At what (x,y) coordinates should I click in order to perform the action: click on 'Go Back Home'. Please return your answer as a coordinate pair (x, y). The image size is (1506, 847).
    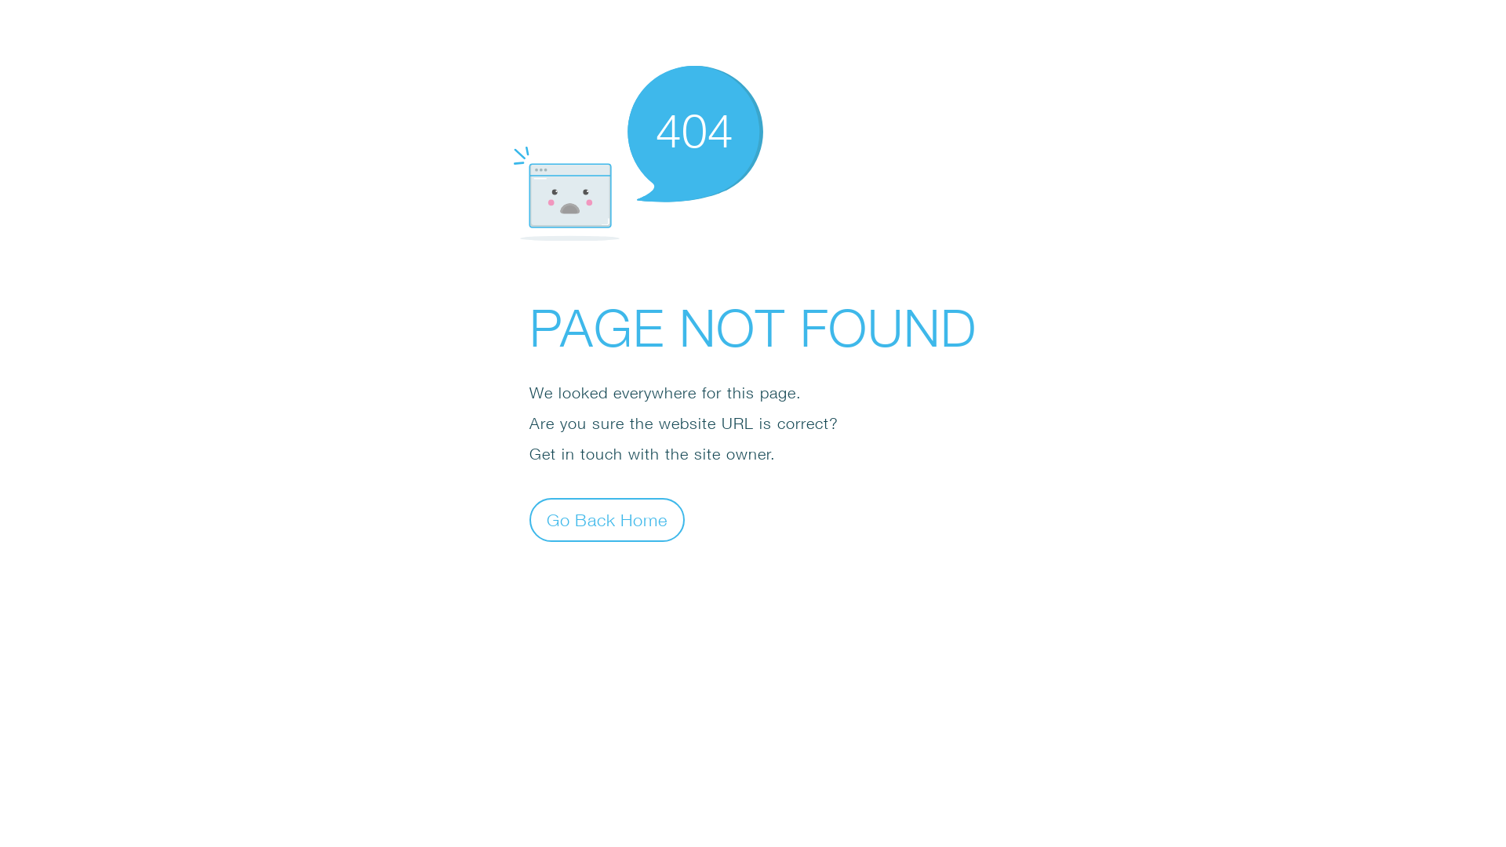
    Looking at the image, I should click on (606, 520).